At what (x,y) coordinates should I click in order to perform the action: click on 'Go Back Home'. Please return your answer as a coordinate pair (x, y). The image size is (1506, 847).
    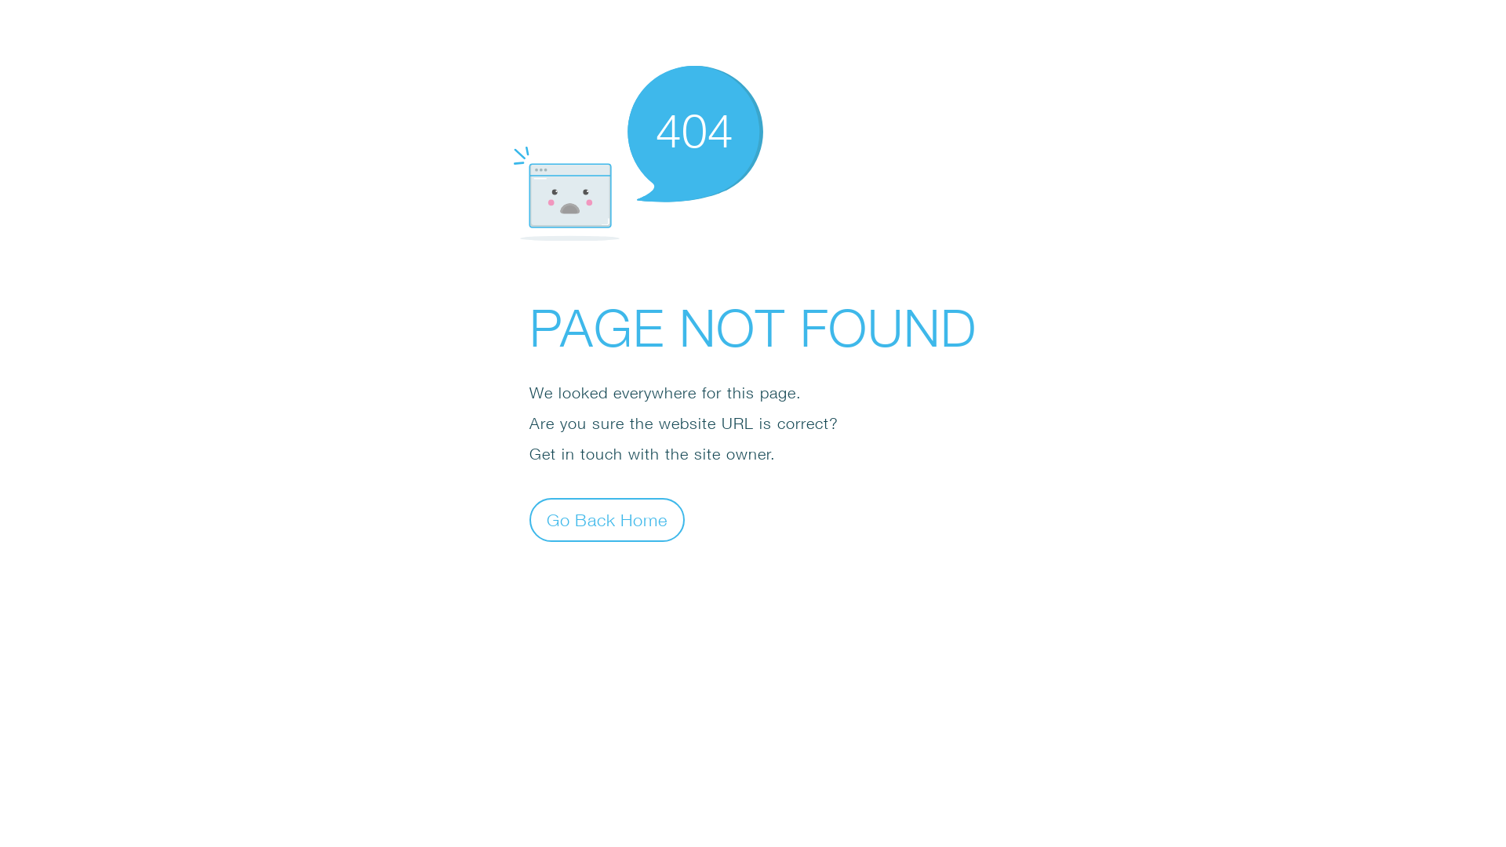
    Looking at the image, I should click on (606, 520).